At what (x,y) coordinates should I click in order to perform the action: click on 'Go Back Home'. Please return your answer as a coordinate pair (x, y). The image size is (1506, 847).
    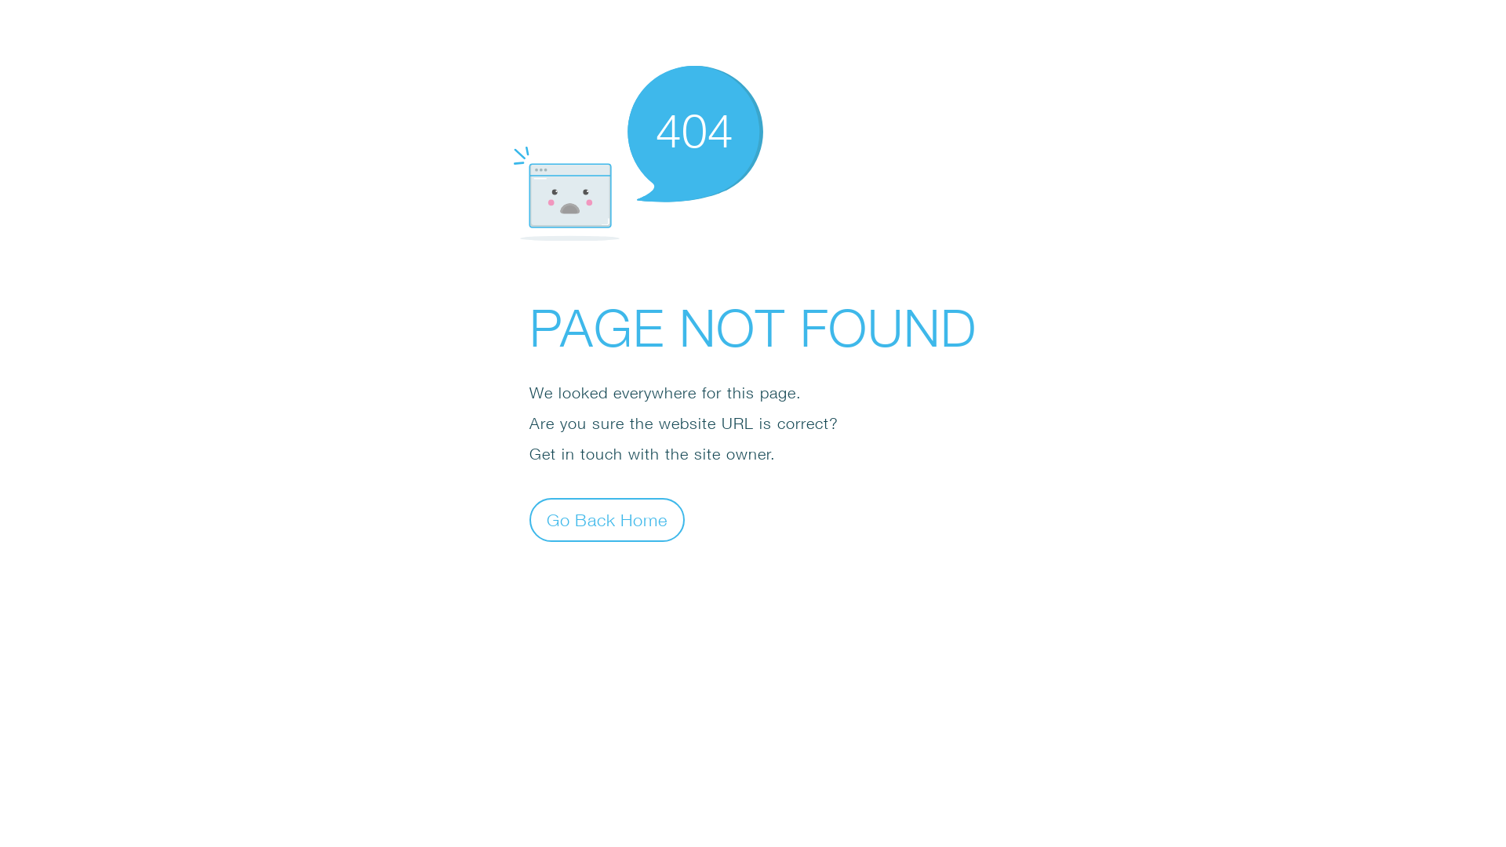
    Looking at the image, I should click on (606, 520).